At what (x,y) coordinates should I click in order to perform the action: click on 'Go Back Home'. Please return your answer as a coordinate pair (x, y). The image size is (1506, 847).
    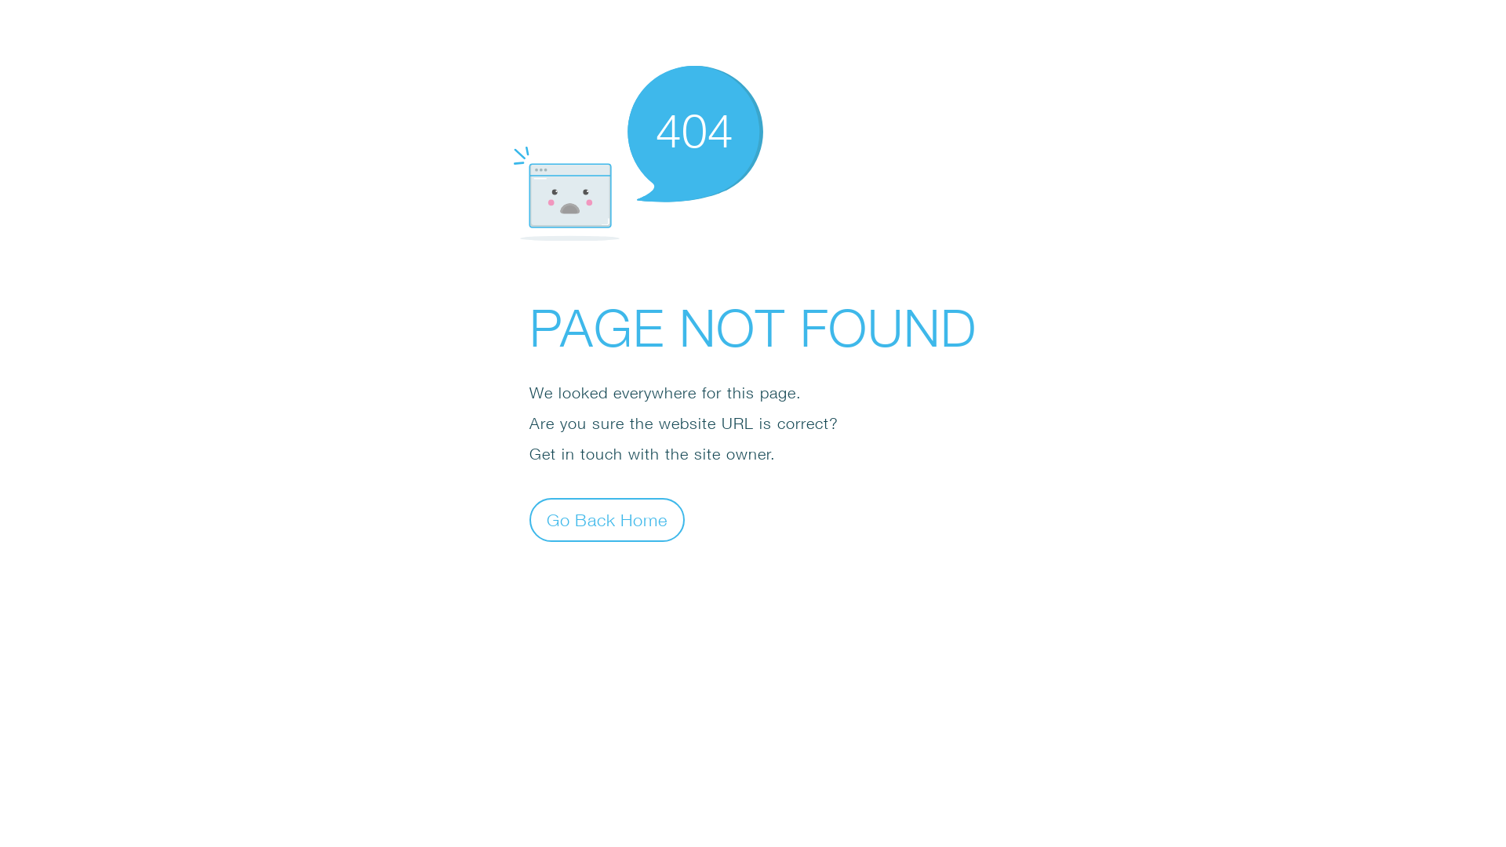
    Looking at the image, I should click on (606, 520).